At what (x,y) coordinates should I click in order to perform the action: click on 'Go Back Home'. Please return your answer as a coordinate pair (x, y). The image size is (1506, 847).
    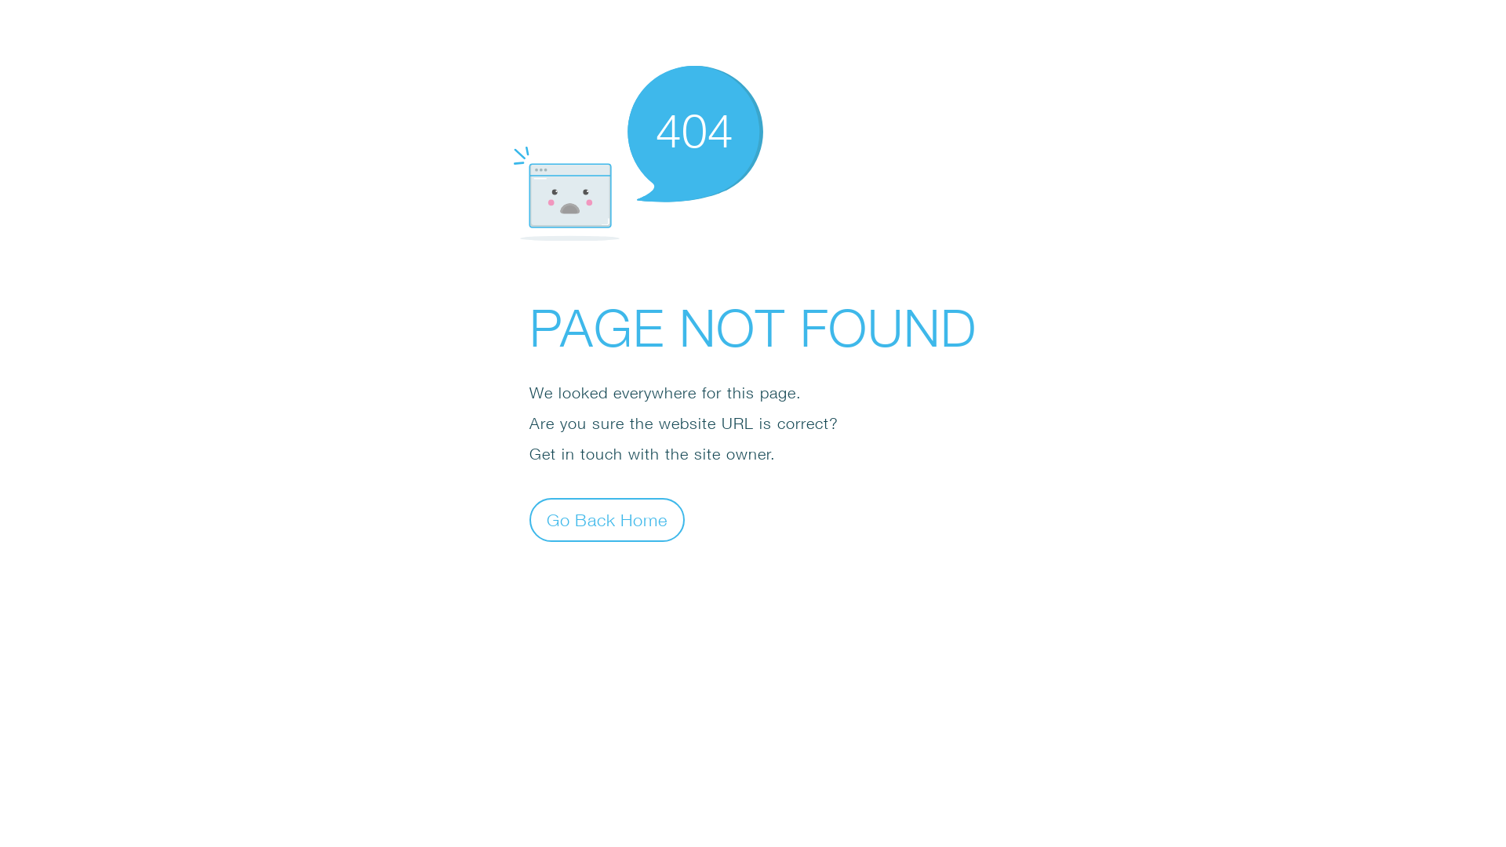
    Looking at the image, I should click on (606, 520).